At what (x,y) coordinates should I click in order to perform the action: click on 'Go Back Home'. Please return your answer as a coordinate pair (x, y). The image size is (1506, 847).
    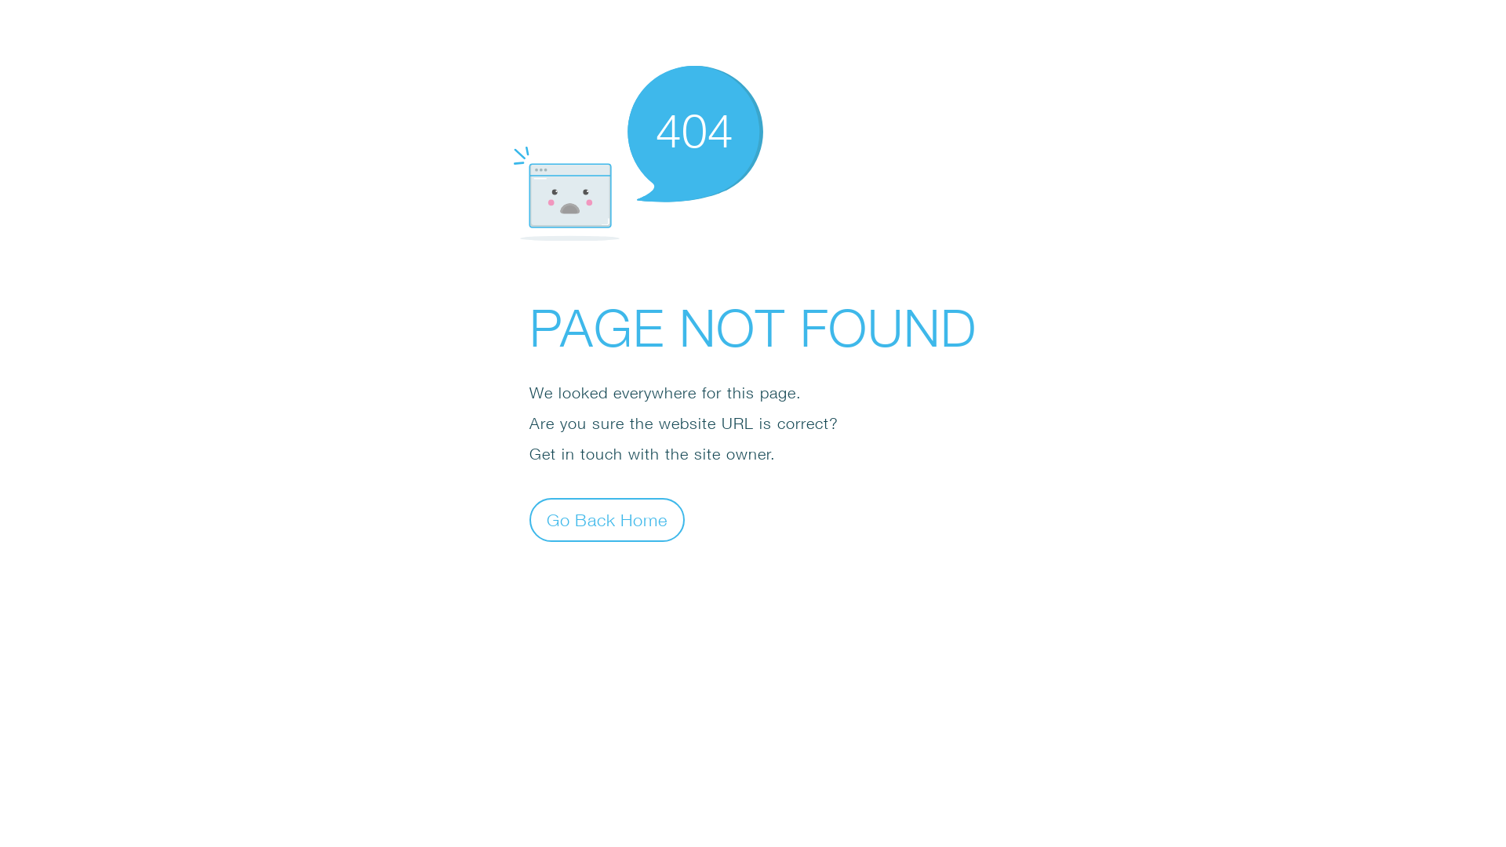
    Looking at the image, I should click on (606, 520).